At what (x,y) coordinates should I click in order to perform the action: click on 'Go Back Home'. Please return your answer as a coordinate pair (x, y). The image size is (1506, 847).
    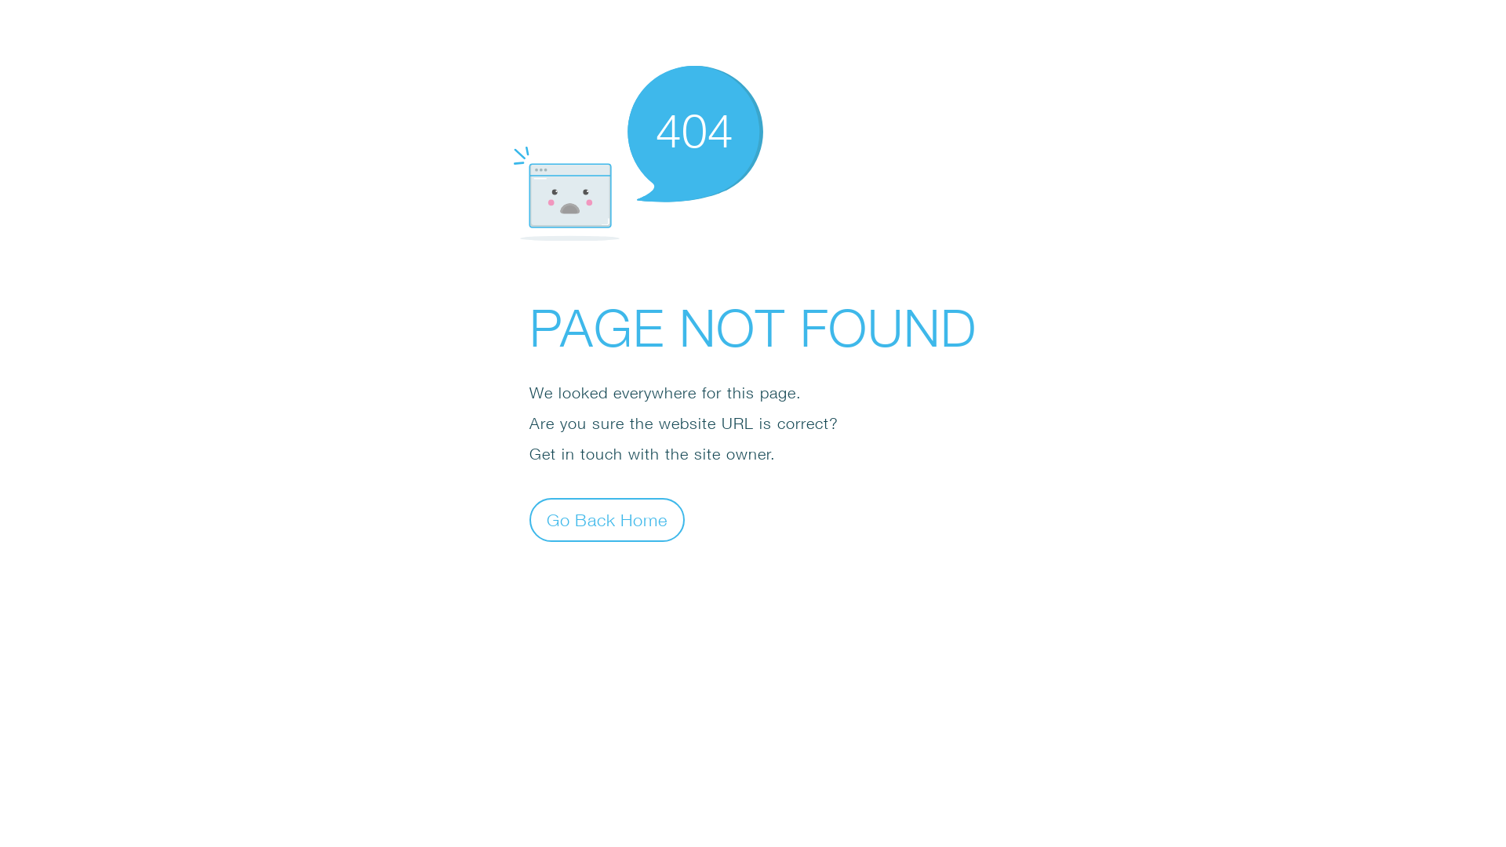
    Looking at the image, I should click on (606, 520).